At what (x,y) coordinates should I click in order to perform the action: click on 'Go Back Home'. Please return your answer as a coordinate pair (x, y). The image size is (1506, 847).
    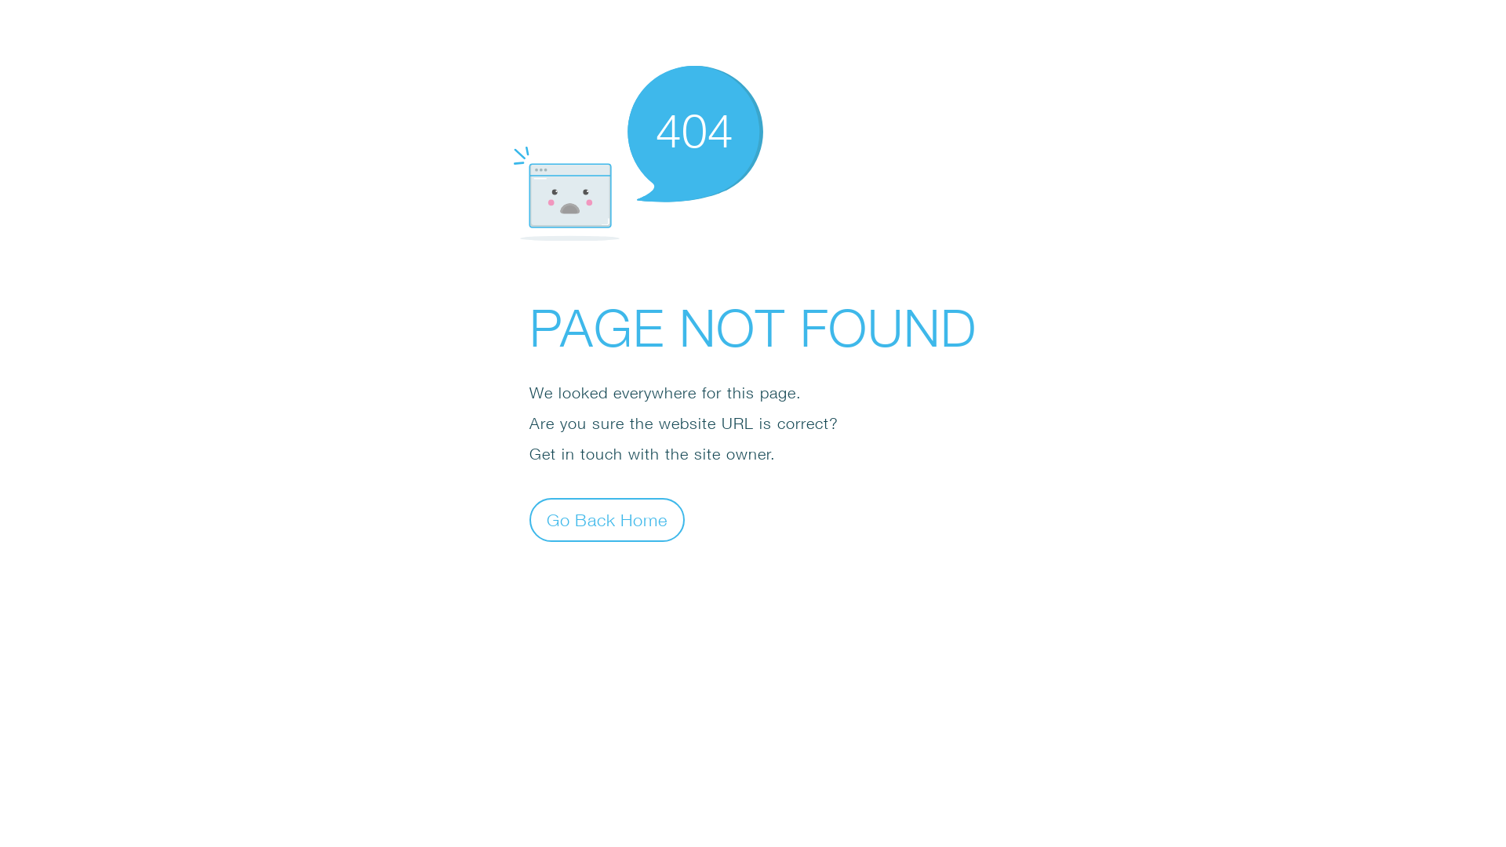
    Looking at the image, I should click on (606, 520).